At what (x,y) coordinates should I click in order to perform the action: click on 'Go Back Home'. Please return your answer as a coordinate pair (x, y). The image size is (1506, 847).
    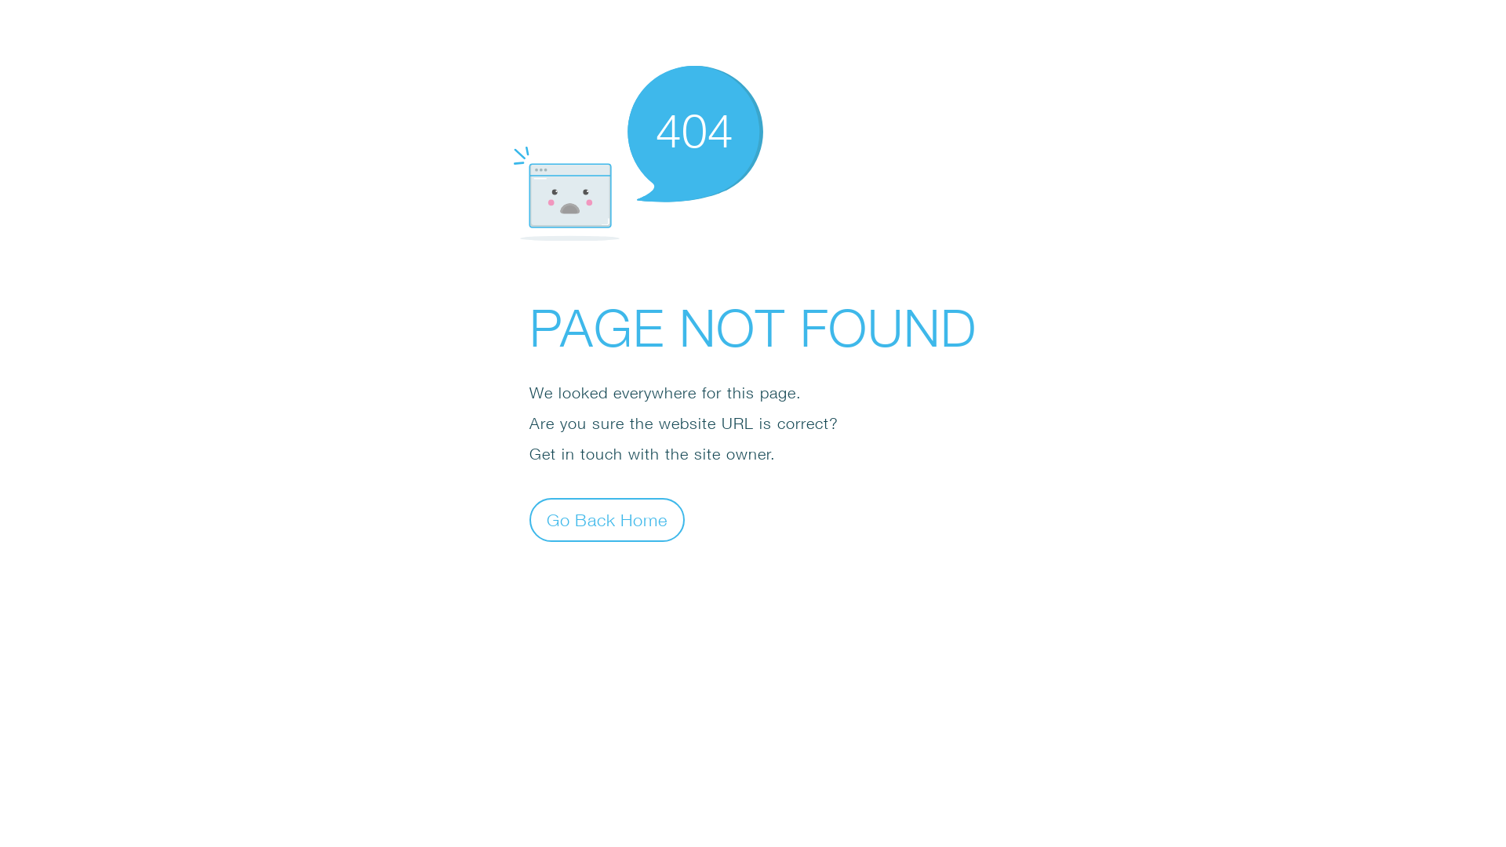
    Looking at the image, I should click on (606, 520).